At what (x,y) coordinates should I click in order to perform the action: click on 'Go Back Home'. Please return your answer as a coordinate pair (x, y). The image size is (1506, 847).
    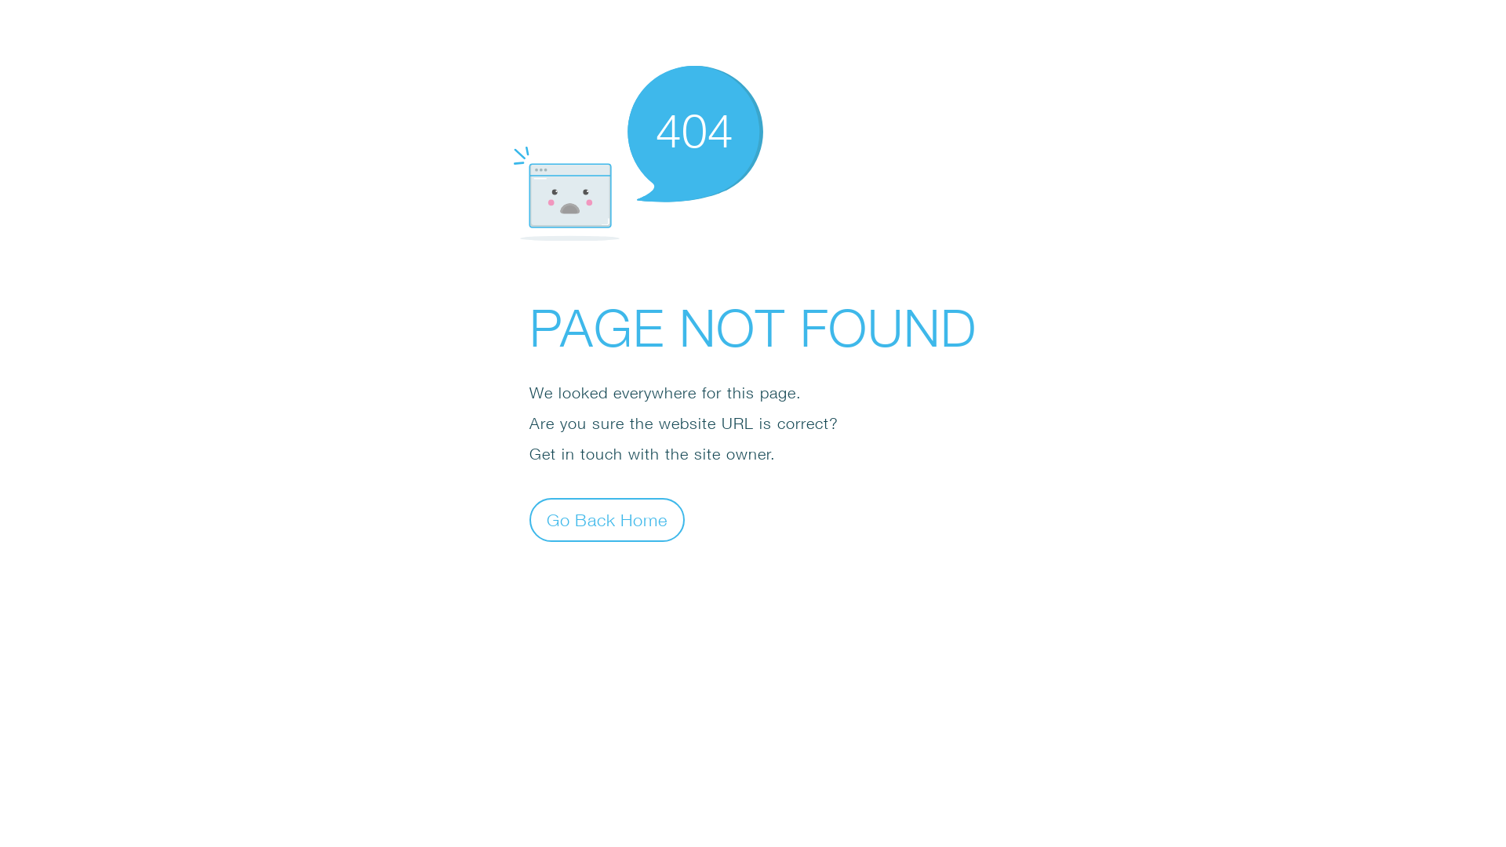
    Looking at the image, I should click on (606, 520).